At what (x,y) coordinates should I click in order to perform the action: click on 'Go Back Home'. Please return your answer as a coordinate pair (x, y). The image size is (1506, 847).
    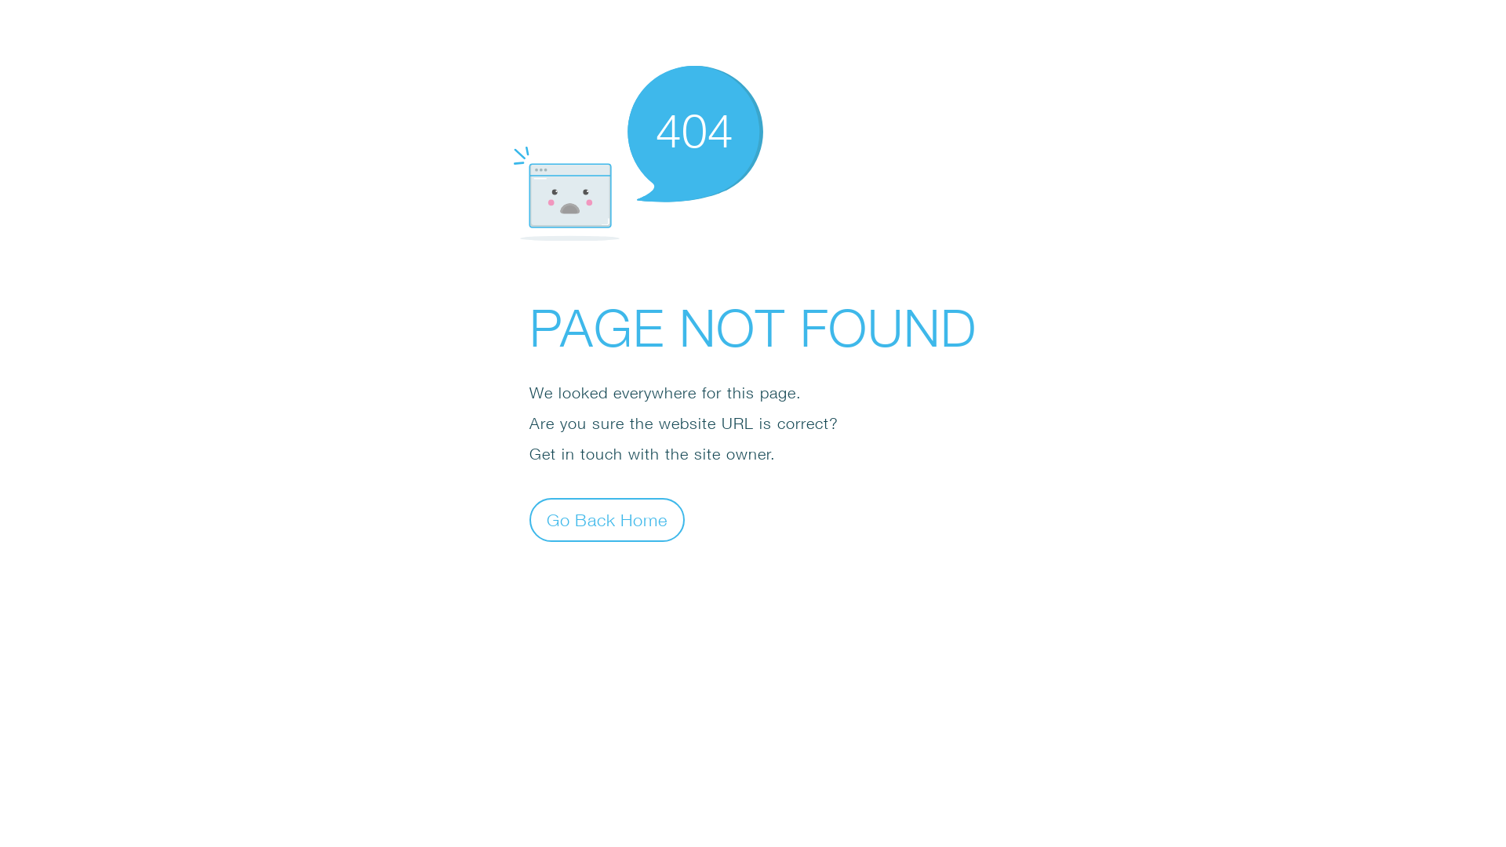
    Looking at the image, I should click on (606, 520).